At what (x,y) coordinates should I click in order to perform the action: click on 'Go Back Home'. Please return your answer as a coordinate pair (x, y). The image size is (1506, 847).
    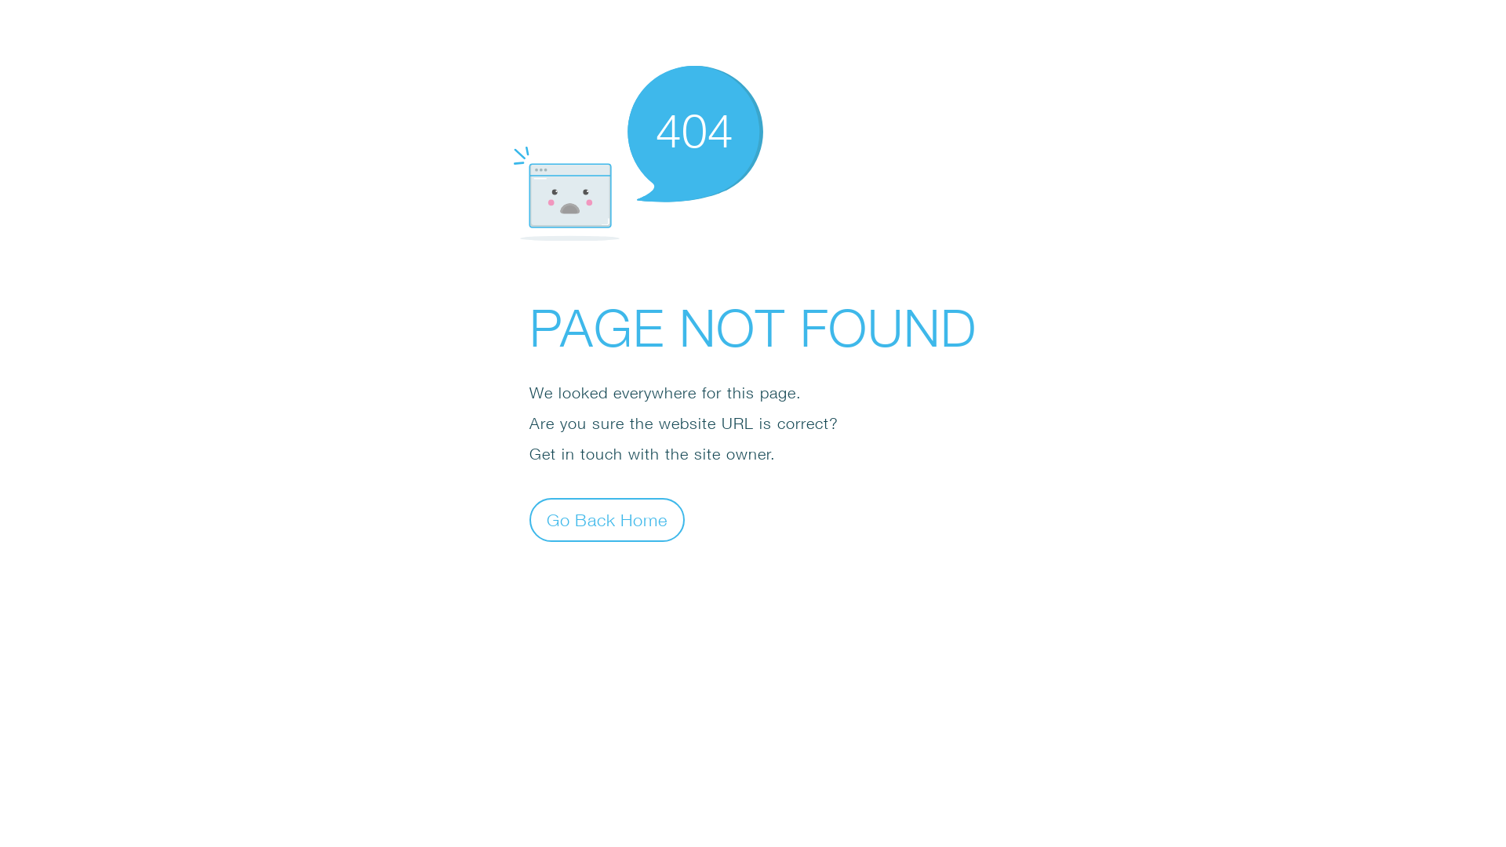
    Looking at the image, I should click on (606, 520).